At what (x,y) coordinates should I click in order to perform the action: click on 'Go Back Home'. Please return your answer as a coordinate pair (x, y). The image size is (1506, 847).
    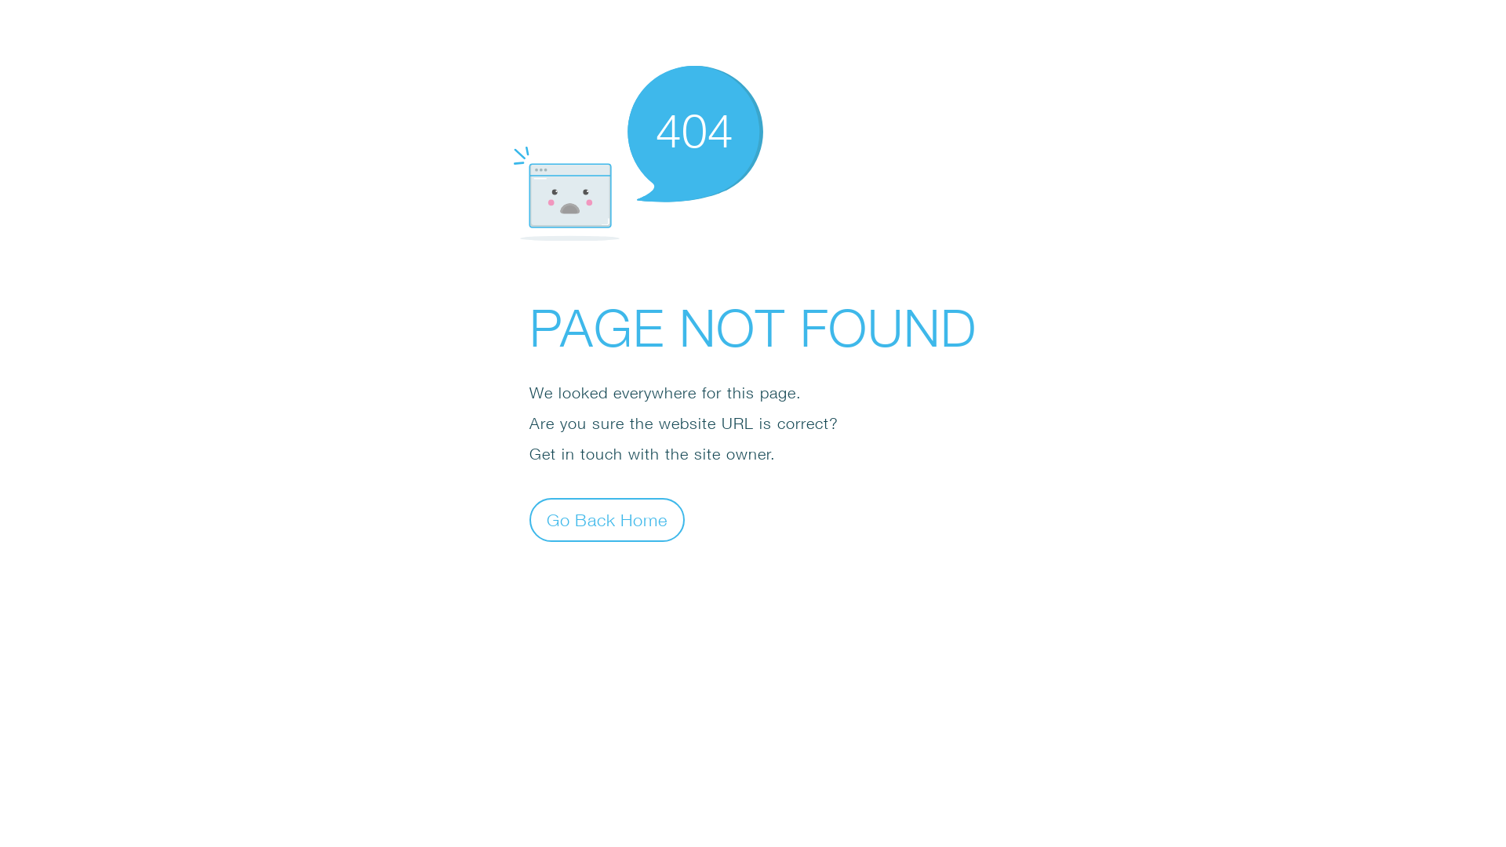
    Looking at the image, I should click on (606, 520).